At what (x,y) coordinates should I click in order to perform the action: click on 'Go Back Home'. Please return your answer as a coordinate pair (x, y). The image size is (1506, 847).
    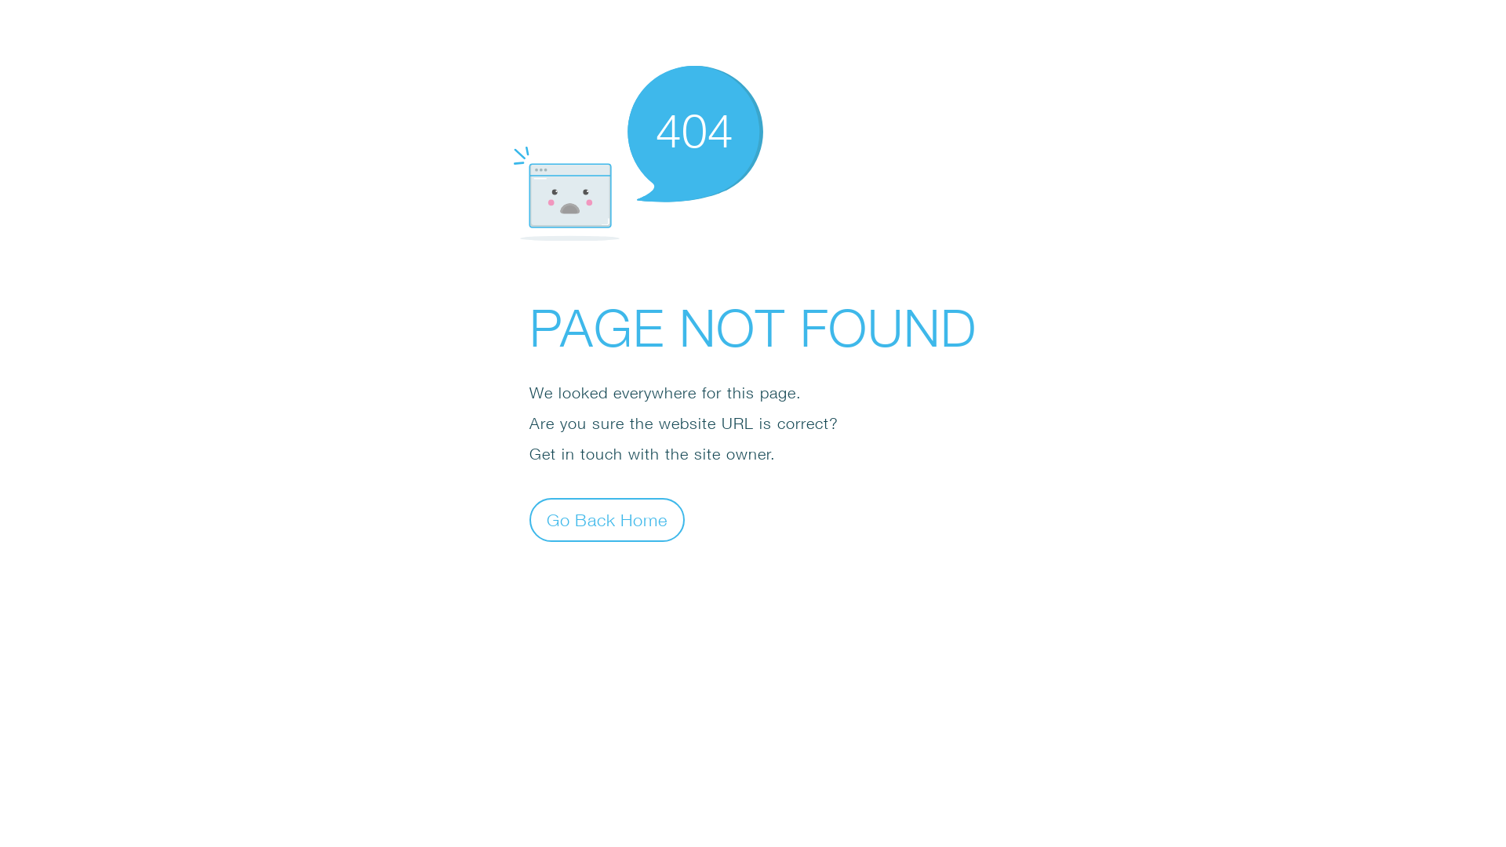
    Looking at the image, I should click on (606, 520).